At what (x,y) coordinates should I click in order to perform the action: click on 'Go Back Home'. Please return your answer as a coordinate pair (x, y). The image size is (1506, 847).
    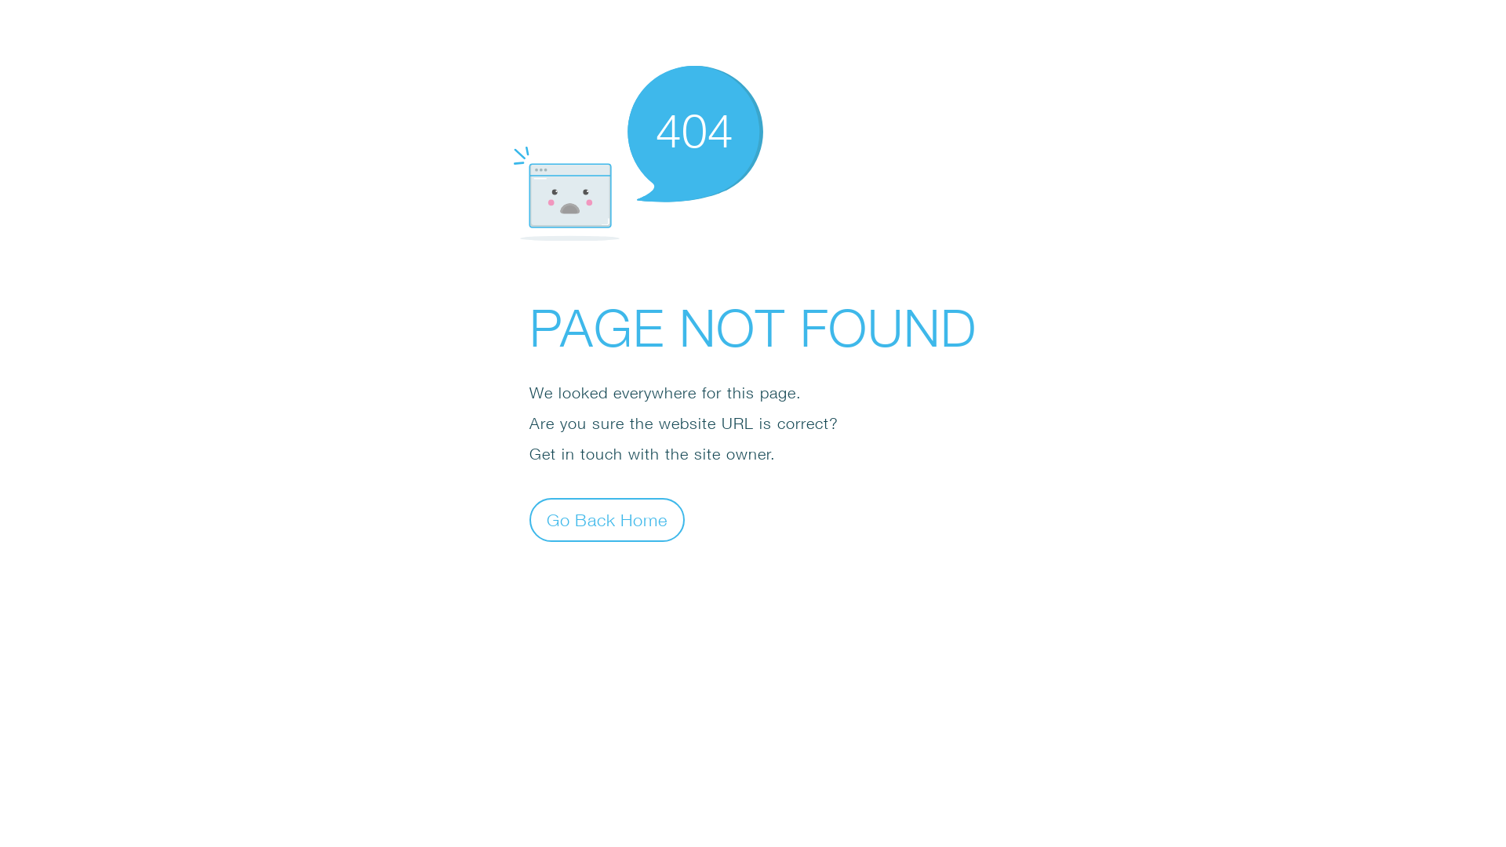
    Looking at the image, I should click on (606, 520).